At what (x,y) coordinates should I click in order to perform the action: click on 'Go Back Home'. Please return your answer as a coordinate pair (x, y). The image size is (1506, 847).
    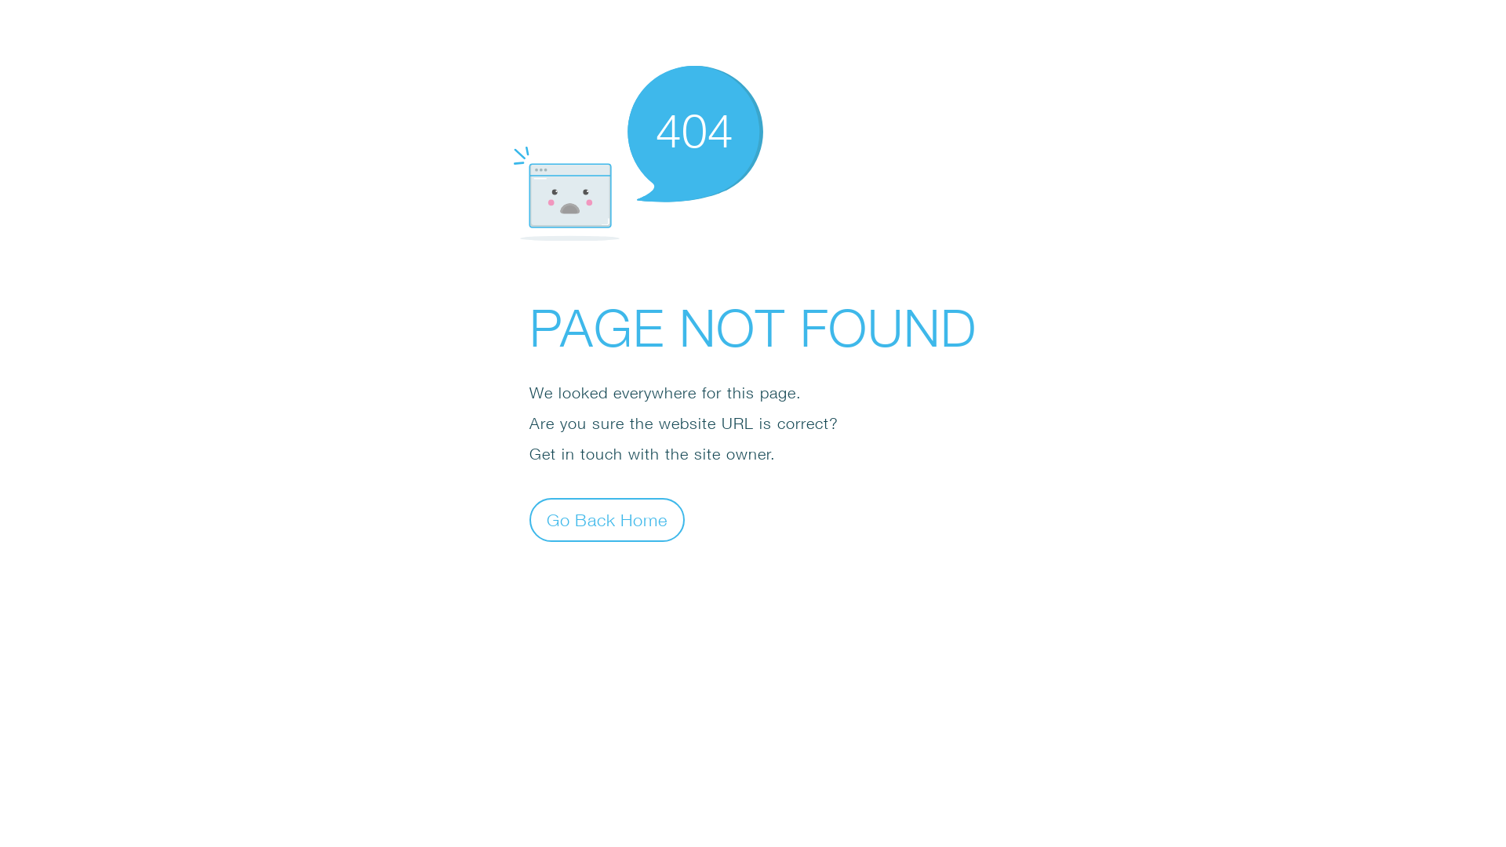
    Looking at the image, I should click on (606, 520).